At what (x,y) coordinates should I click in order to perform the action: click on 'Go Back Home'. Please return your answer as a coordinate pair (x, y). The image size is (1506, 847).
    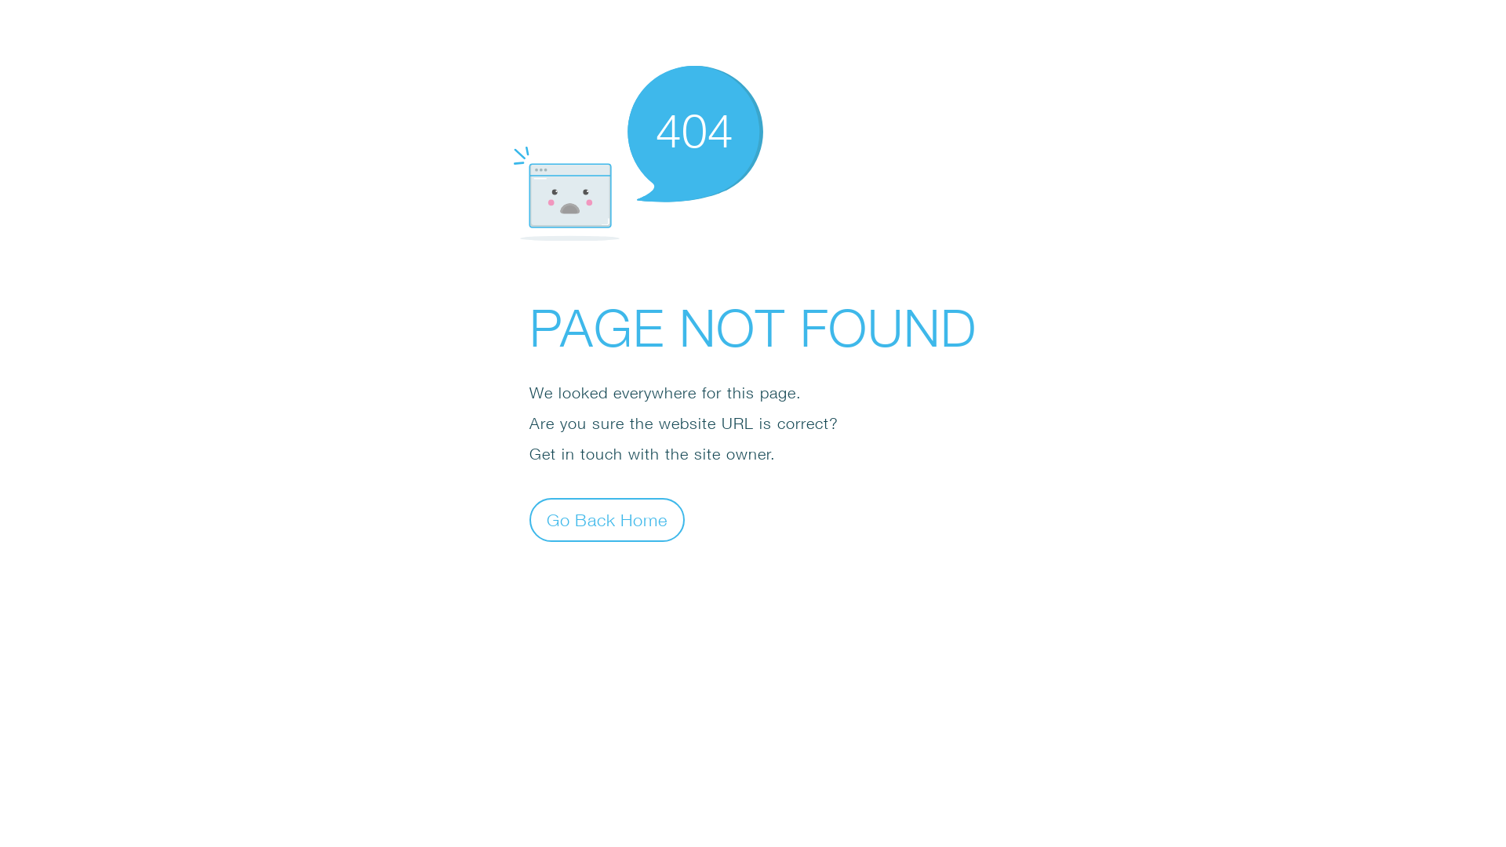
    Looking at the image, I should click on (606, 520).